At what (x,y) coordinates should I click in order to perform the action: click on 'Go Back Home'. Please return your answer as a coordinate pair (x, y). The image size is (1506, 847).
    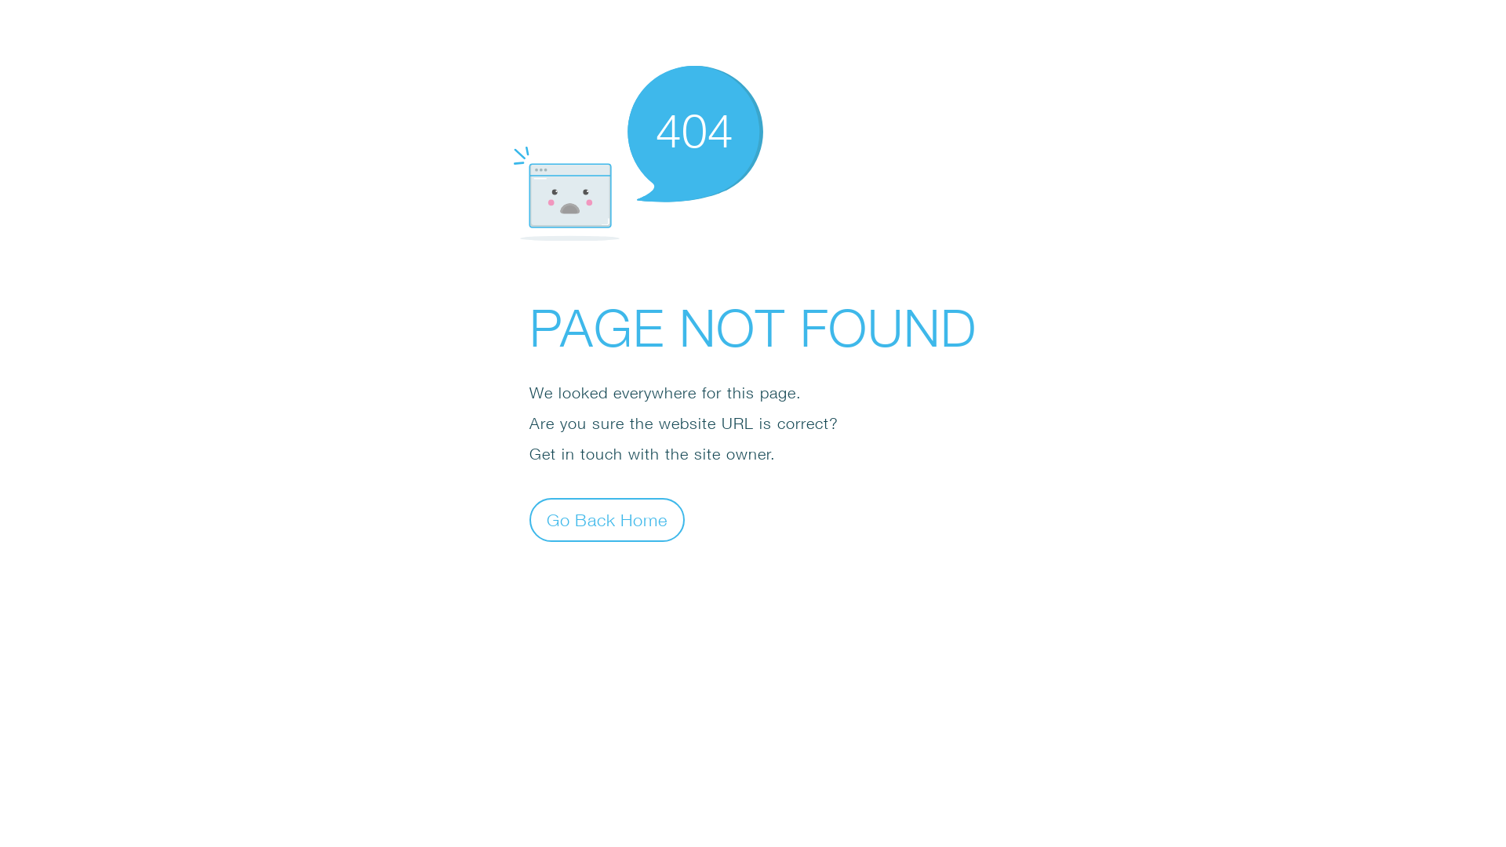
    Looking at the image, I should click on (606, 520).